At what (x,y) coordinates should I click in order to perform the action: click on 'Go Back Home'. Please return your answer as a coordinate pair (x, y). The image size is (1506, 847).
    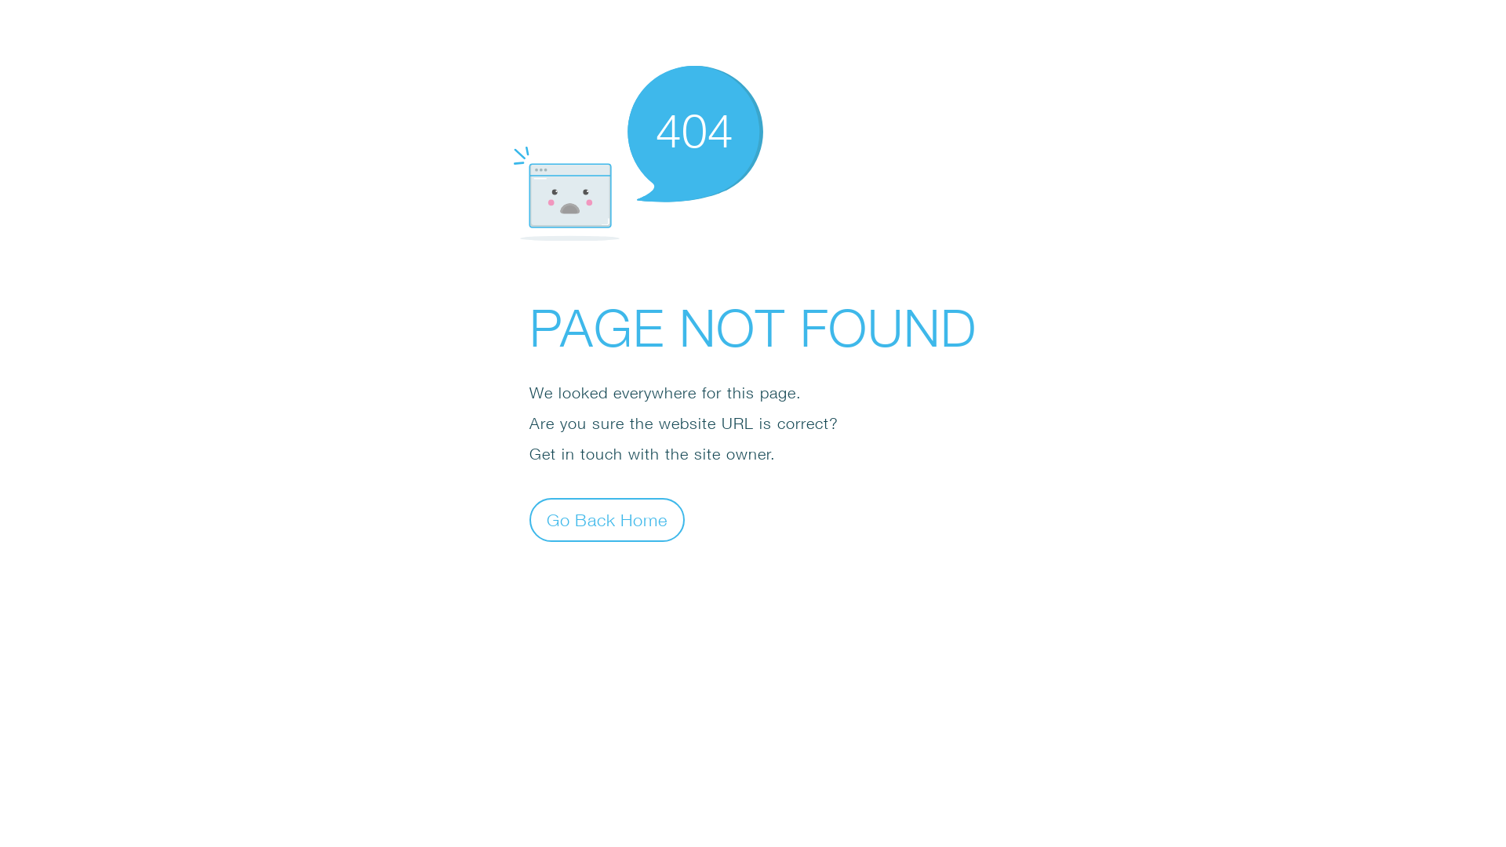
    Looking at the image, I should click on (606, 520).